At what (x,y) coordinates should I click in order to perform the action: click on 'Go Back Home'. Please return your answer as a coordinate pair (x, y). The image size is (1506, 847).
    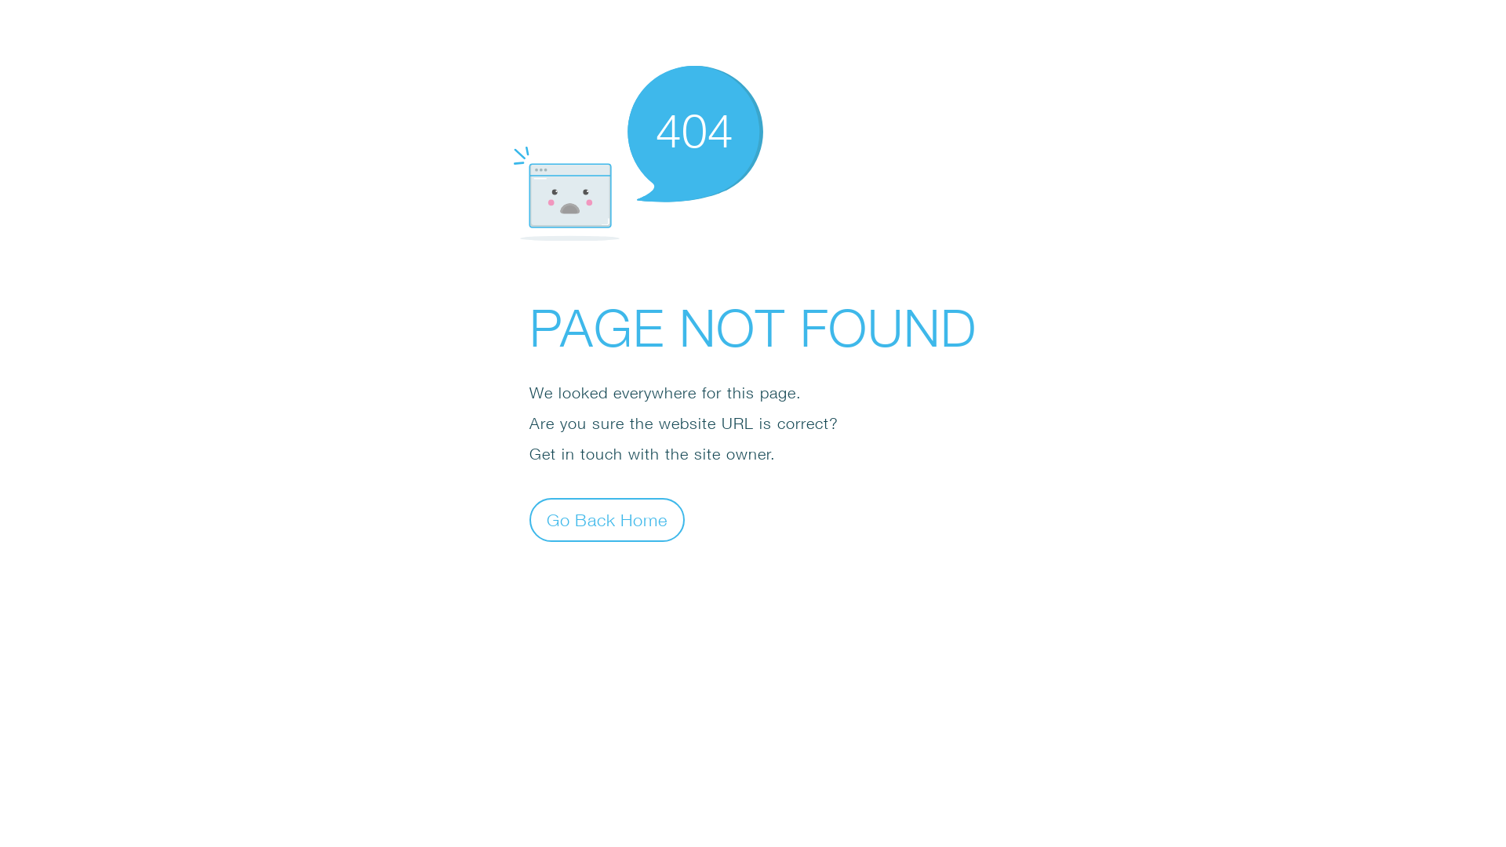
    Looking at the image, I should click on (606, 520).